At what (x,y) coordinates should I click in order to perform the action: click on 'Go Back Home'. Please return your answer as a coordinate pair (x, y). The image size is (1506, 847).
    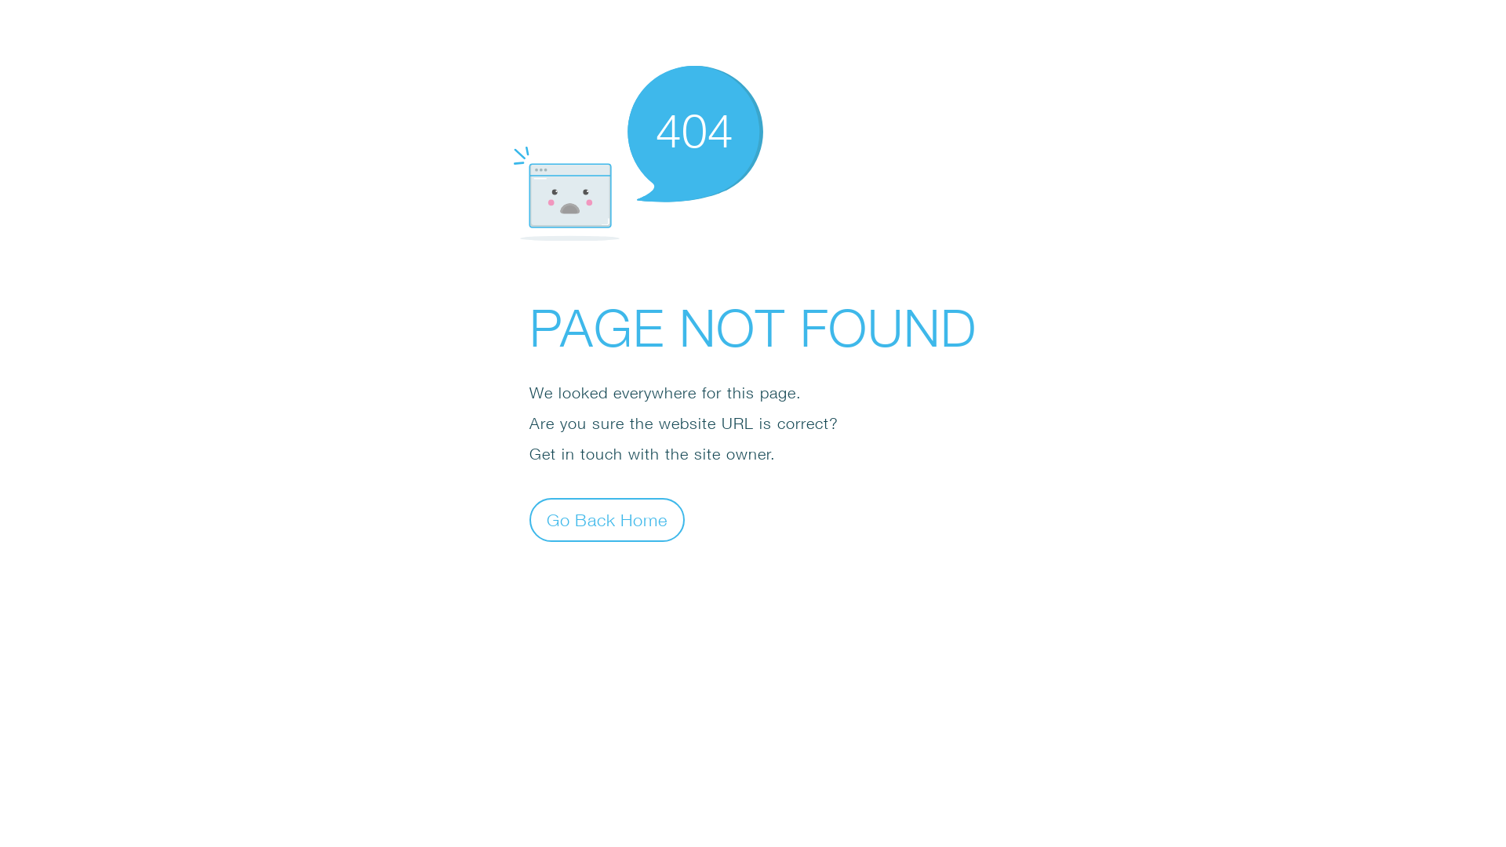
    Looking at the image, I should click on (606, 520).